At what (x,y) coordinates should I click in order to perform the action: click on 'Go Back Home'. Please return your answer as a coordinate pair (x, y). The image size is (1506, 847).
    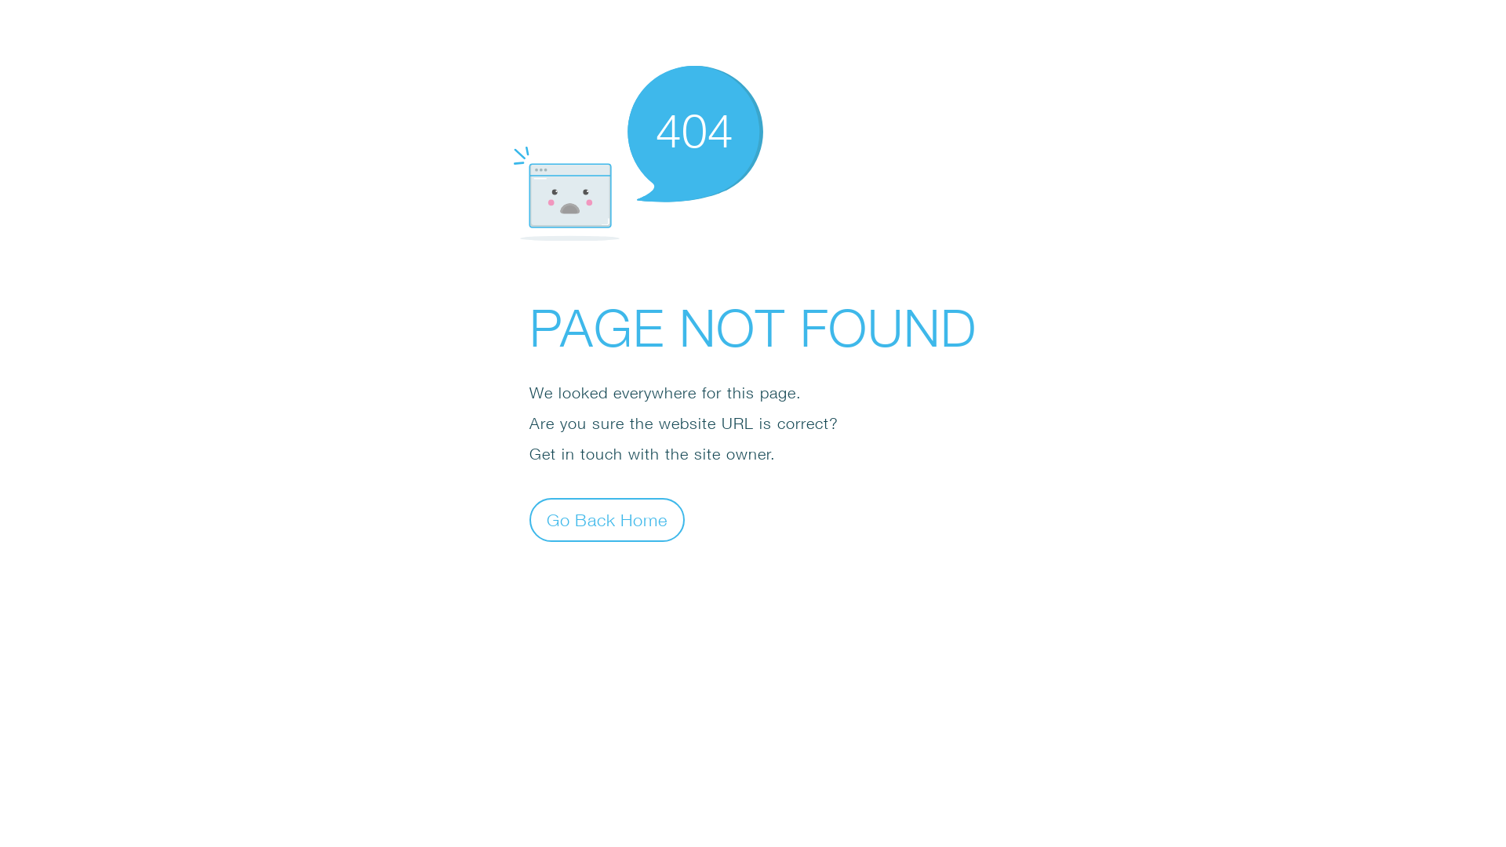
    Looking at the image, I should click on (606, 520).